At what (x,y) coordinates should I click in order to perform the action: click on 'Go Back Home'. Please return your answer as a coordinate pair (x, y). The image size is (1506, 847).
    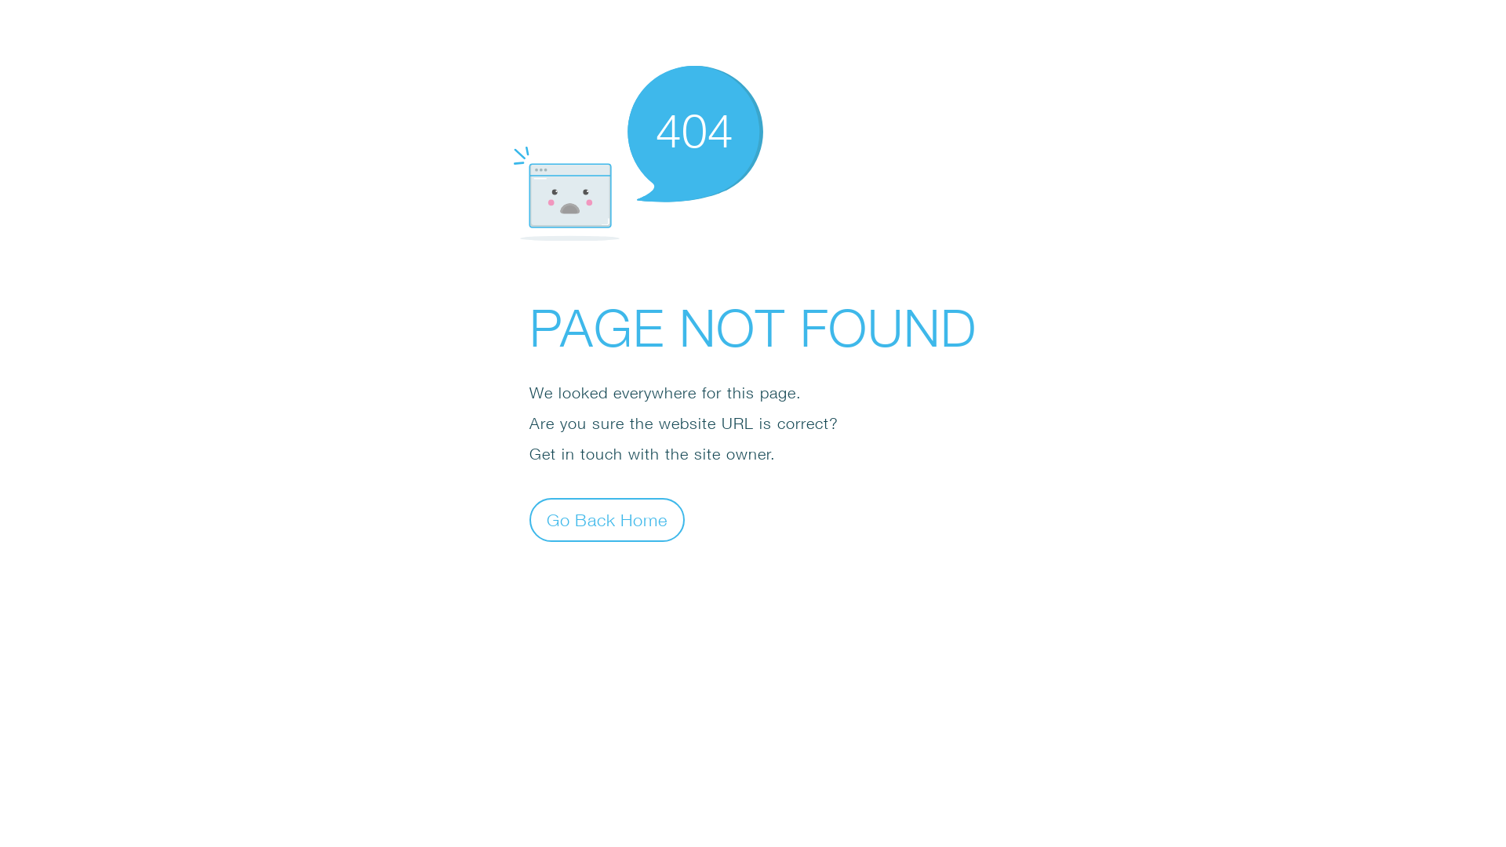
    Looking at the image, I should click on (606, 520).